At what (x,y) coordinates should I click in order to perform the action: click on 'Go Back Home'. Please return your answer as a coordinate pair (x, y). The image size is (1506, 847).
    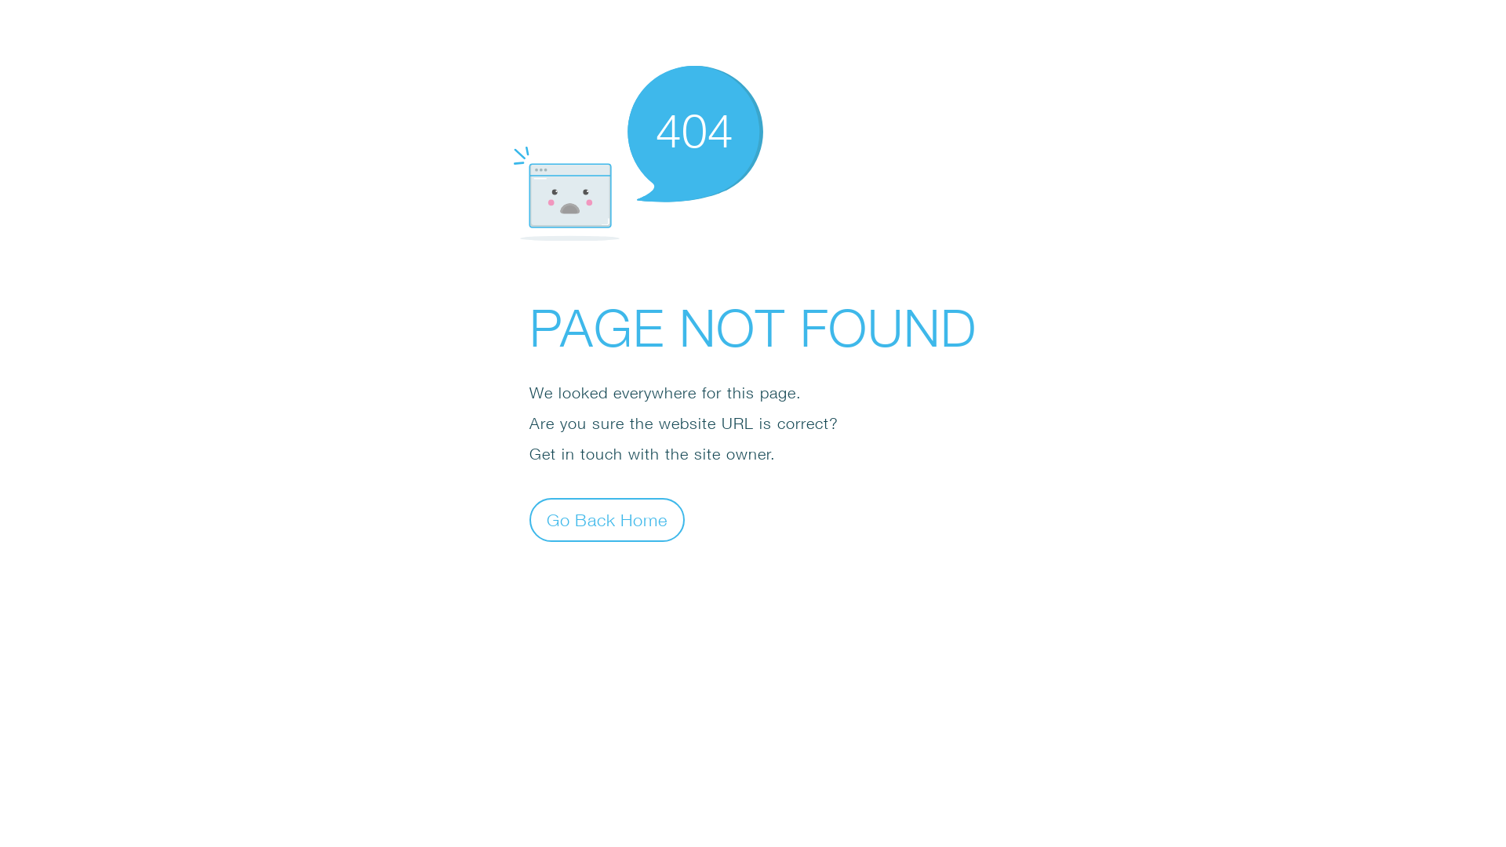
    Looking at the image, I should click on (606, 520).